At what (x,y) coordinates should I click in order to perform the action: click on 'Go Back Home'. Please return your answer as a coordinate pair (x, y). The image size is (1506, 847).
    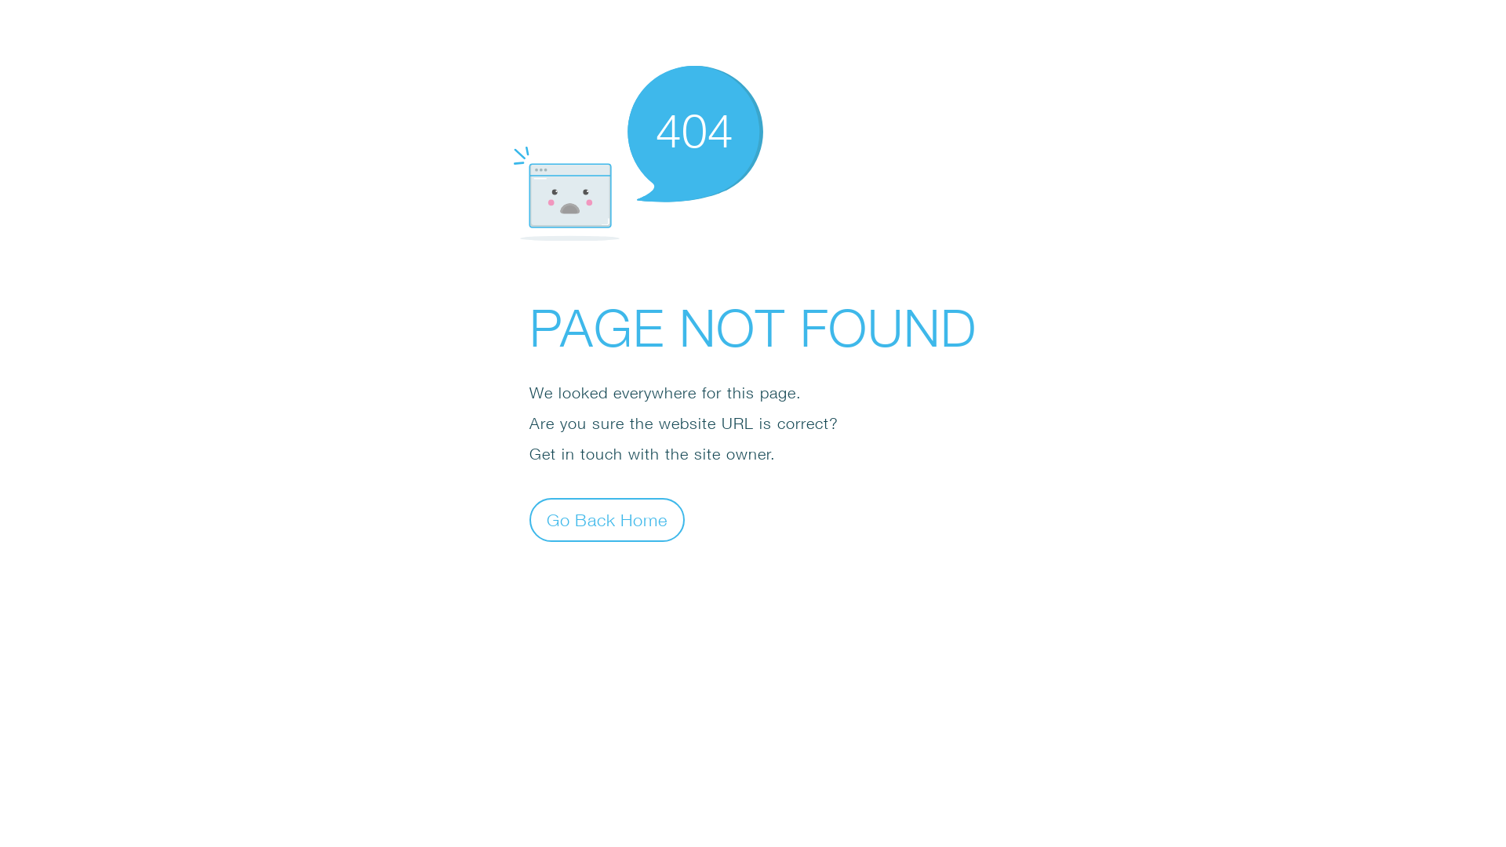
    Looking at the image, I should click on (606, 520).